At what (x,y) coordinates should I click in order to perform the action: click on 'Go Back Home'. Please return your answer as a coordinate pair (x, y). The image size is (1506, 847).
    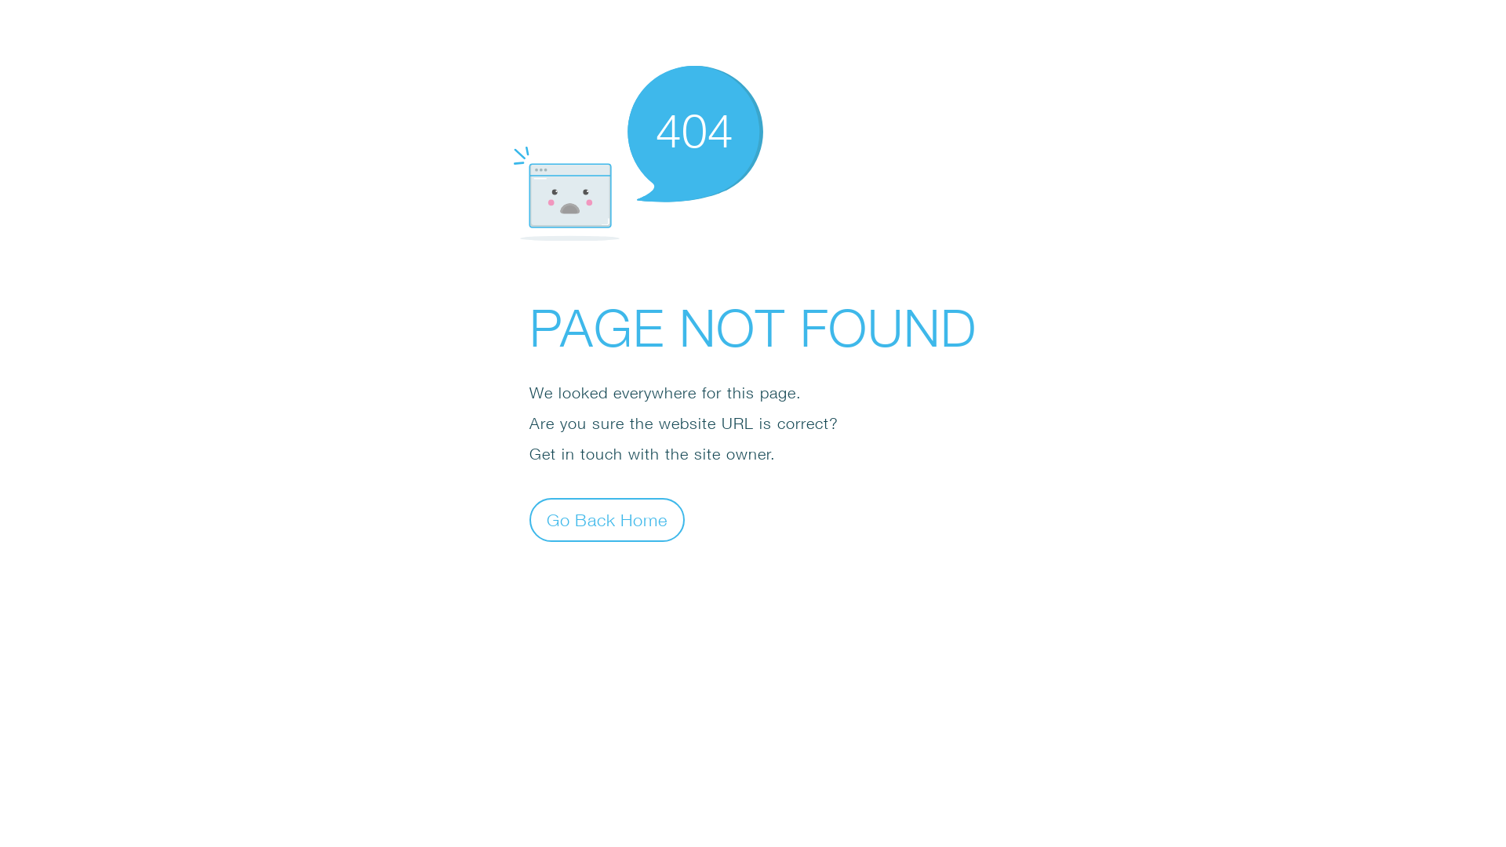
    Looking at the image, I should click on (606, 520).